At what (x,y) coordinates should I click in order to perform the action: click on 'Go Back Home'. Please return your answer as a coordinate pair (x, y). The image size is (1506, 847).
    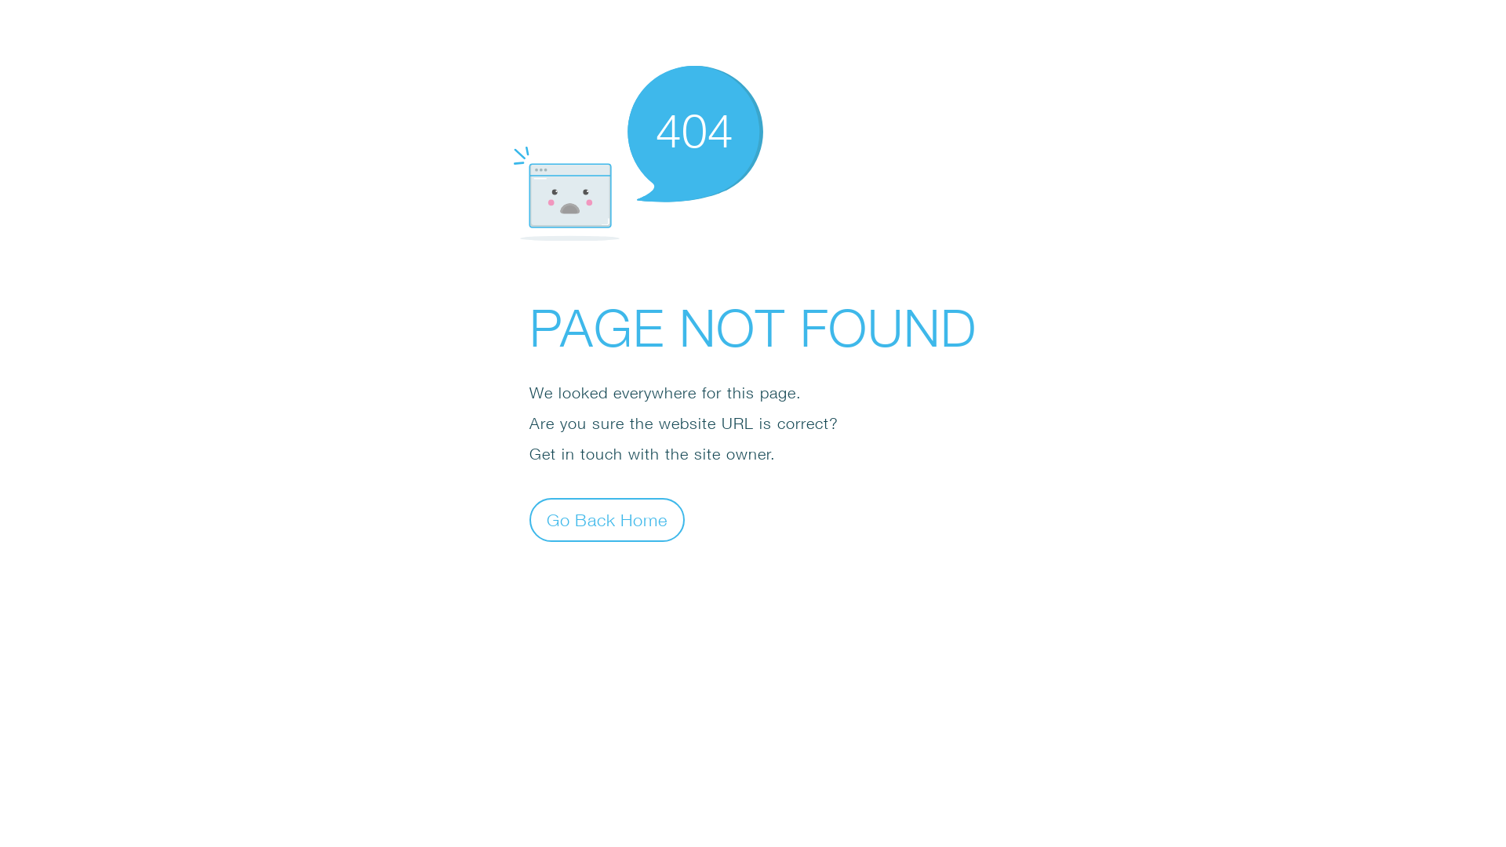
    Looking at the image, I should click on (606, 520).